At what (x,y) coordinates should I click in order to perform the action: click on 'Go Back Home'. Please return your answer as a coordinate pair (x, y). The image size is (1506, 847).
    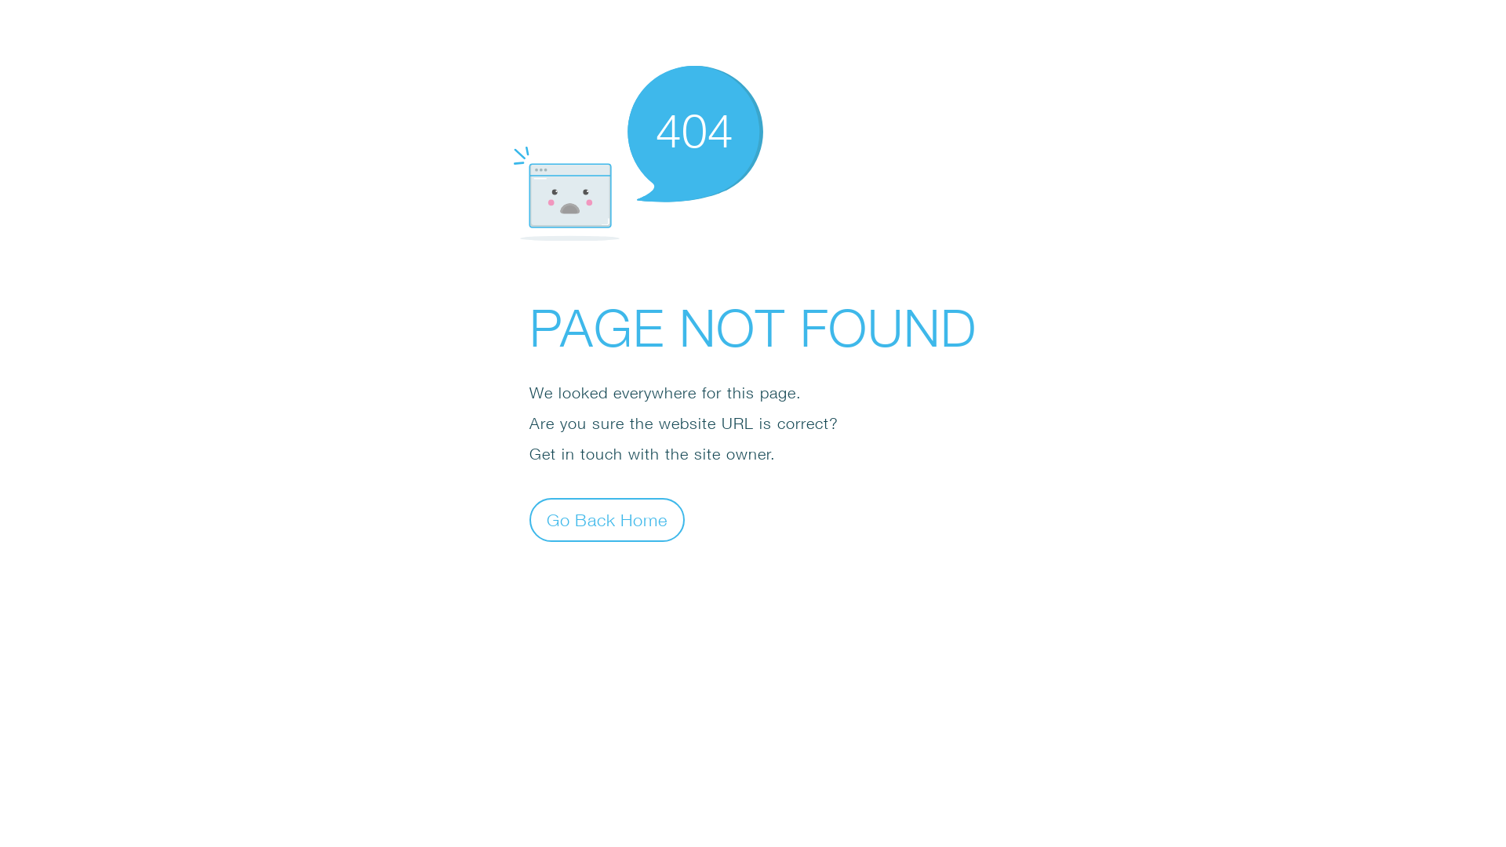
    Looking at the image, I should click on (606, 520).